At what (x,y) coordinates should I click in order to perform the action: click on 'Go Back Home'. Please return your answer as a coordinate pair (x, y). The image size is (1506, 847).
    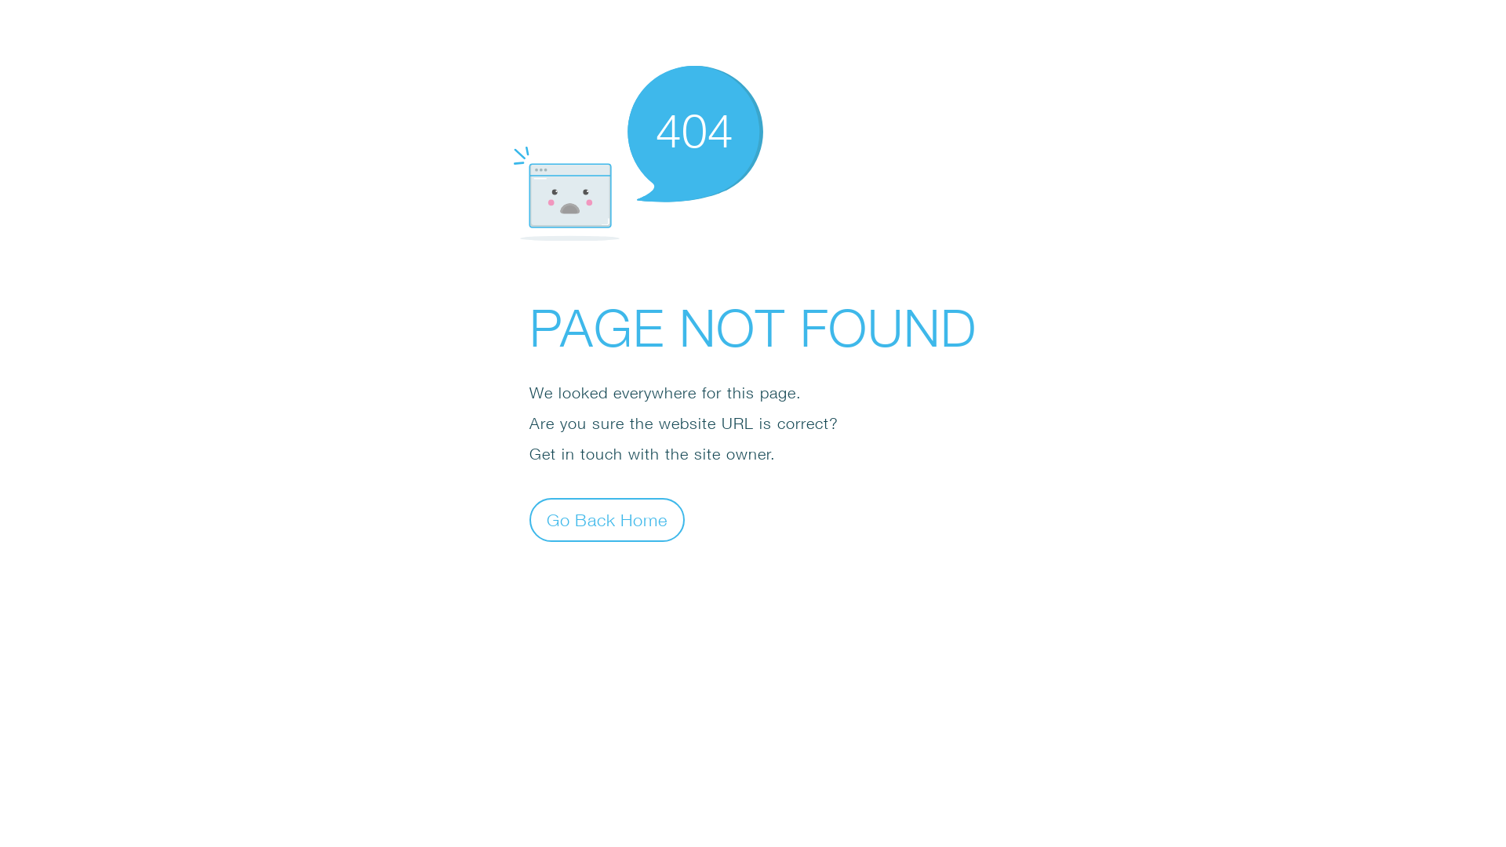
    Looking at the image, I should click on (606, 520).